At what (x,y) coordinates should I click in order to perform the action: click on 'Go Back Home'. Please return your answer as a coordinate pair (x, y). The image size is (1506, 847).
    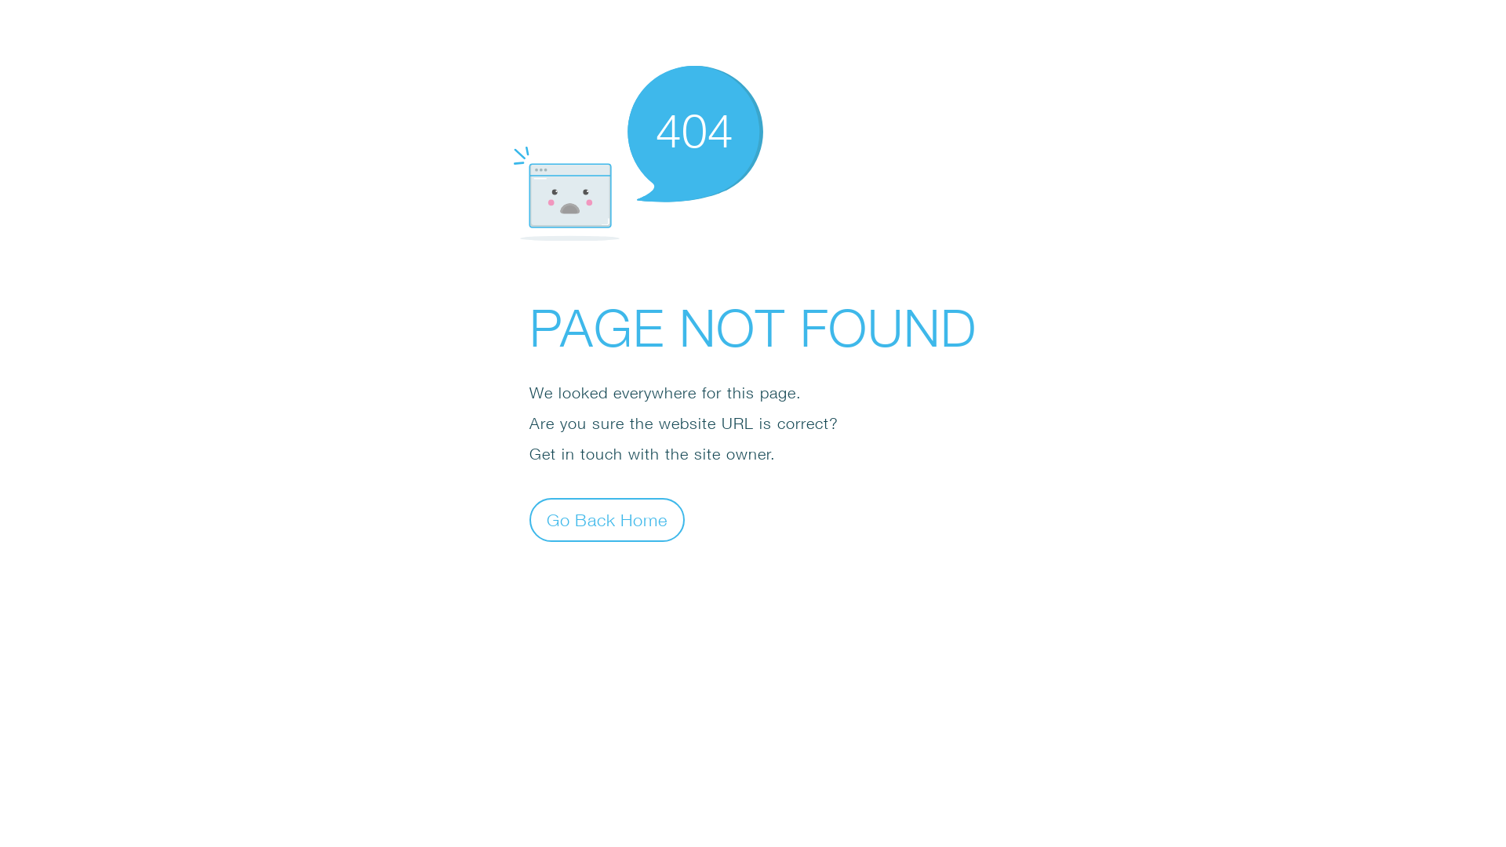
    Looking at the image, I should click on (606, 520).